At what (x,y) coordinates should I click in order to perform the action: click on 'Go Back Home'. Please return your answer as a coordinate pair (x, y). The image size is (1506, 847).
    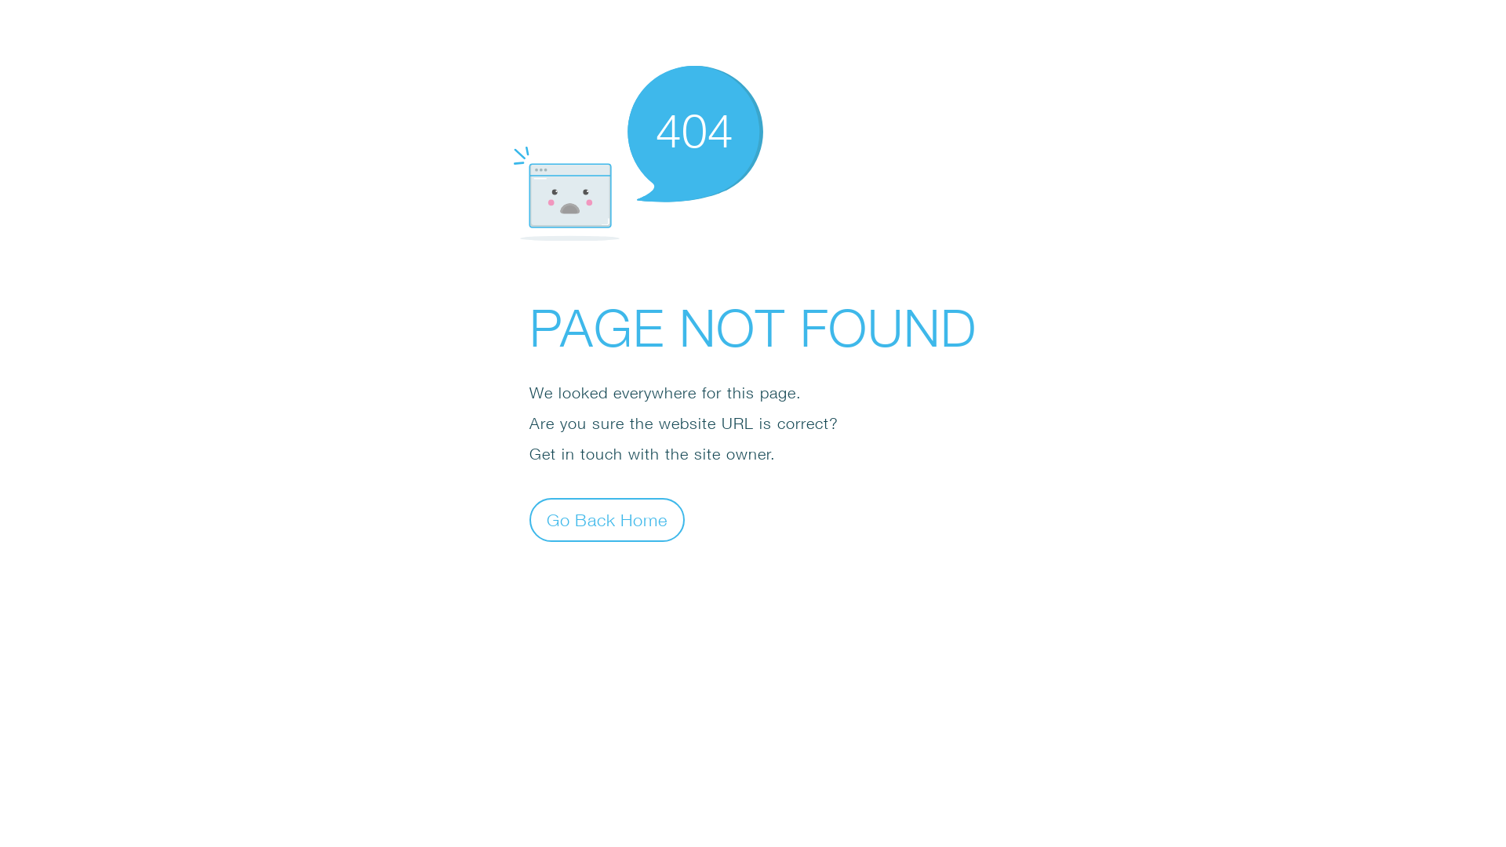
    Looking at the image, I should click on (606, 520).